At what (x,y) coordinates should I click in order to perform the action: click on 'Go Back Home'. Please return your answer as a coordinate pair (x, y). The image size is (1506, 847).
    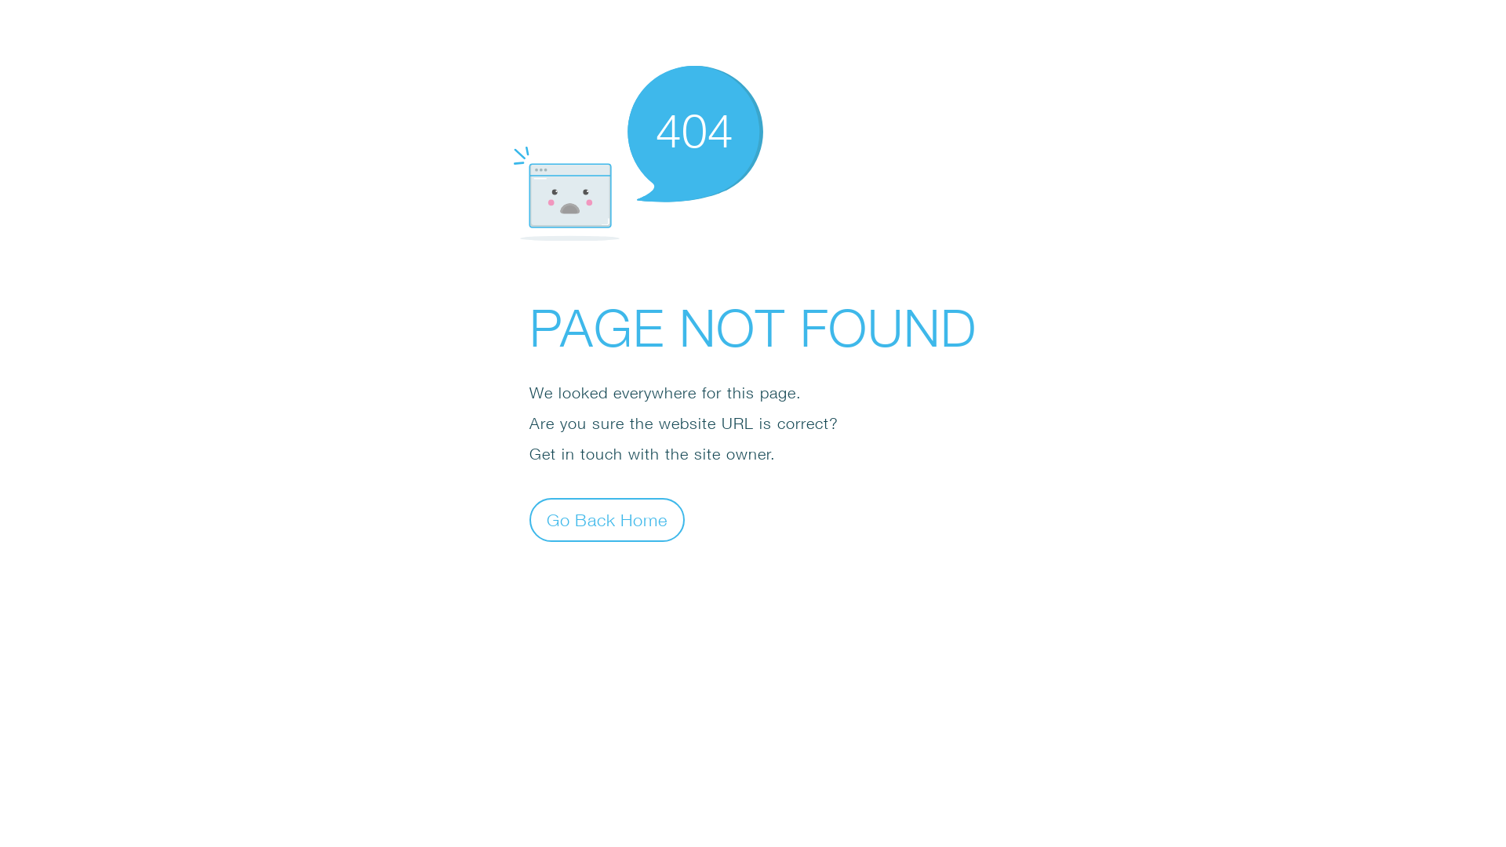
    Looking at the image, I should click on (606, 520).